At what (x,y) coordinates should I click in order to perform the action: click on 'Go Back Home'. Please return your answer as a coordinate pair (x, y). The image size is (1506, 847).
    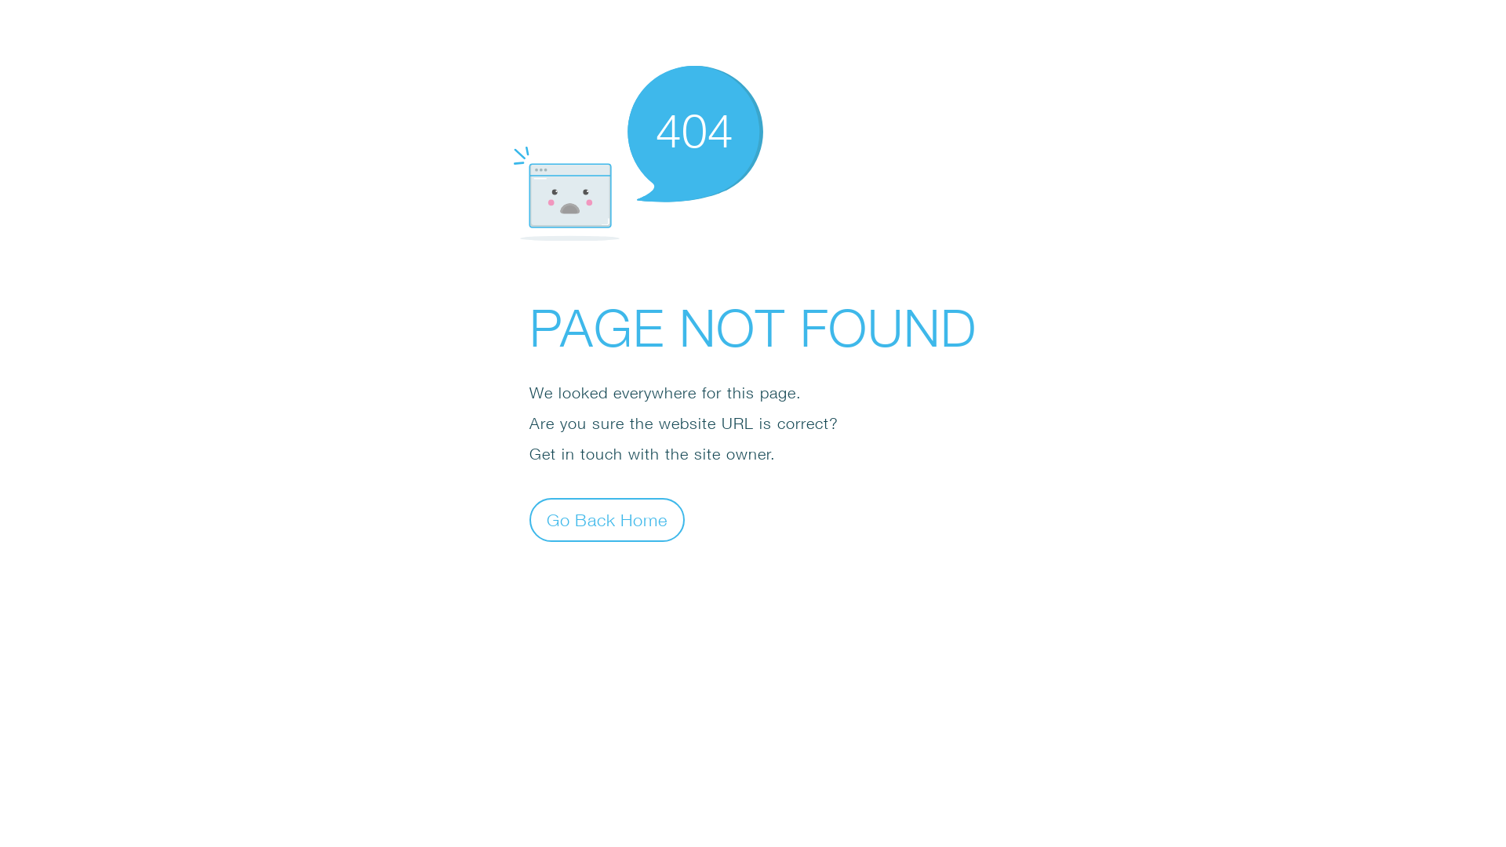
    Looking at the image, I should click on (606, 520).